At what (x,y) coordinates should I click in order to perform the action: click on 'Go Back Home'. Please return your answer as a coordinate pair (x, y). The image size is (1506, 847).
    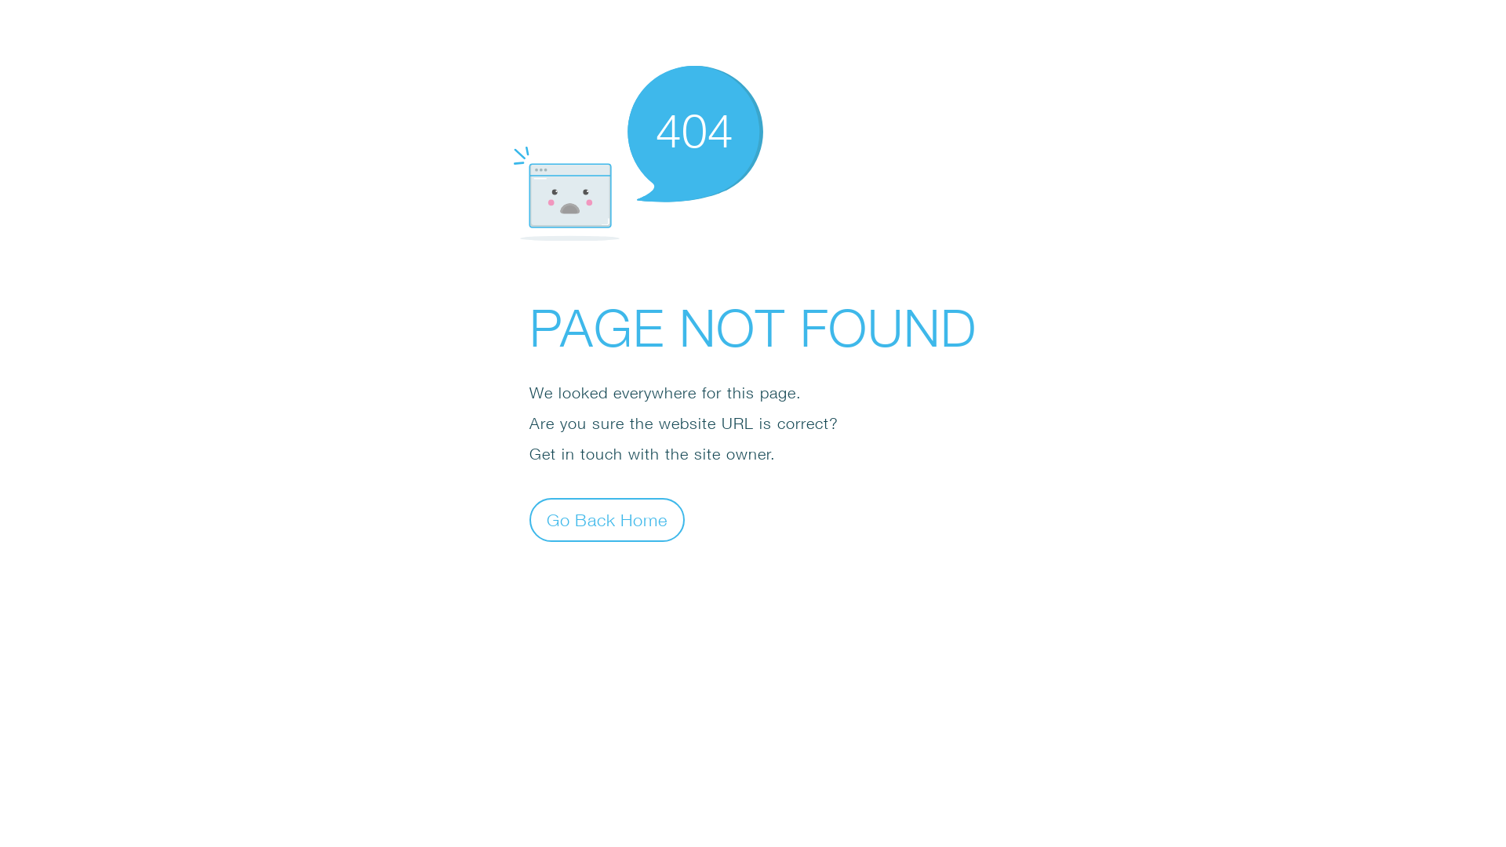
    Looking at the image, I should click on (606, 520).